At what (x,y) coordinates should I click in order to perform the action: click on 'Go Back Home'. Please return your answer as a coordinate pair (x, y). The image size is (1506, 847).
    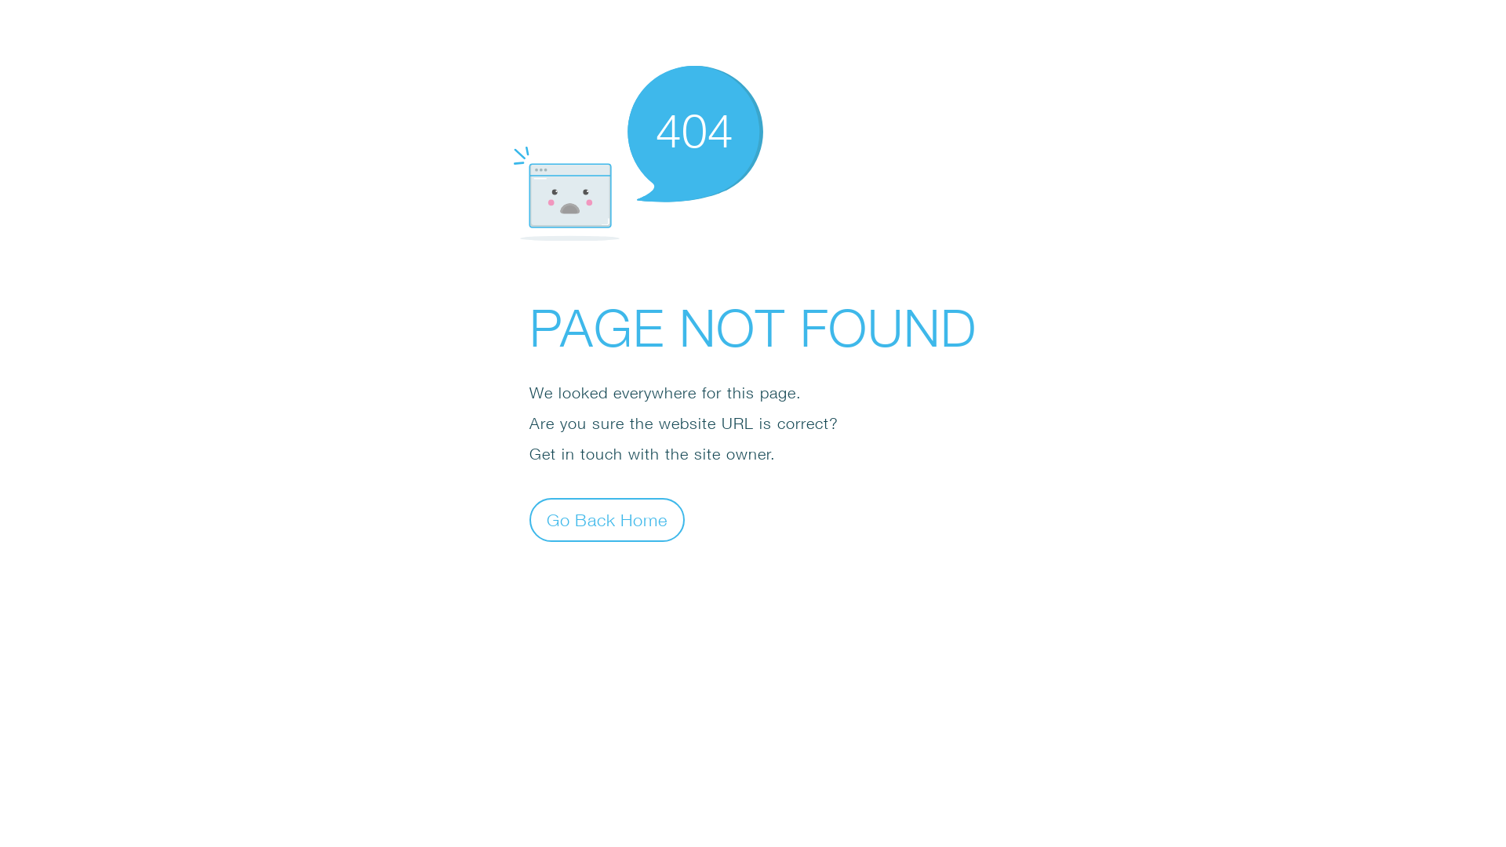
    Looking at the image, I should click on (606, 520).